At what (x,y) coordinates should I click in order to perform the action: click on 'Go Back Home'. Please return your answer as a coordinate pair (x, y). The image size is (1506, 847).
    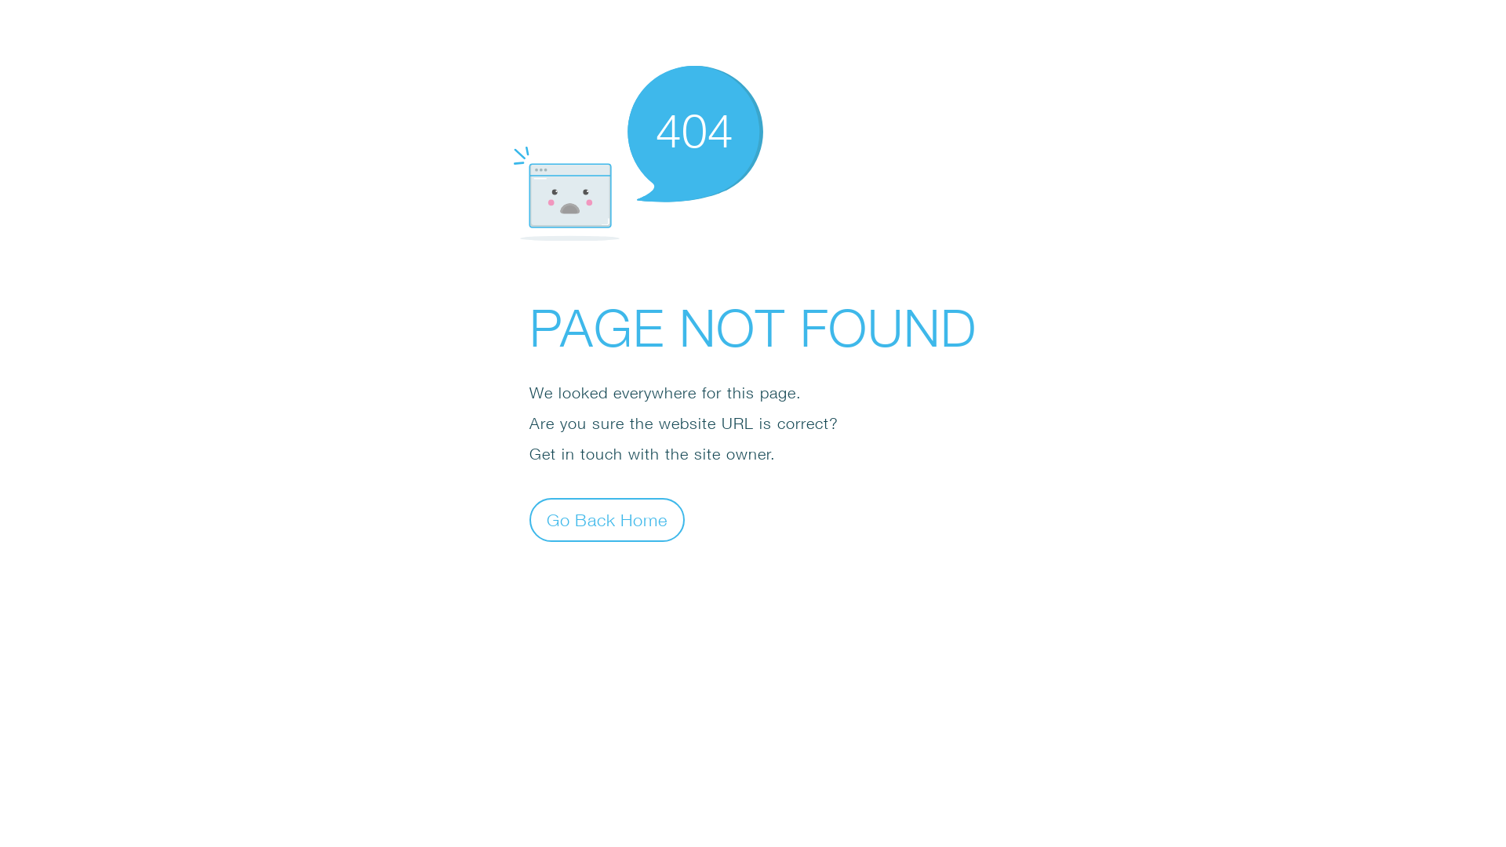
    Looking at the image, I should click on (606, 520).